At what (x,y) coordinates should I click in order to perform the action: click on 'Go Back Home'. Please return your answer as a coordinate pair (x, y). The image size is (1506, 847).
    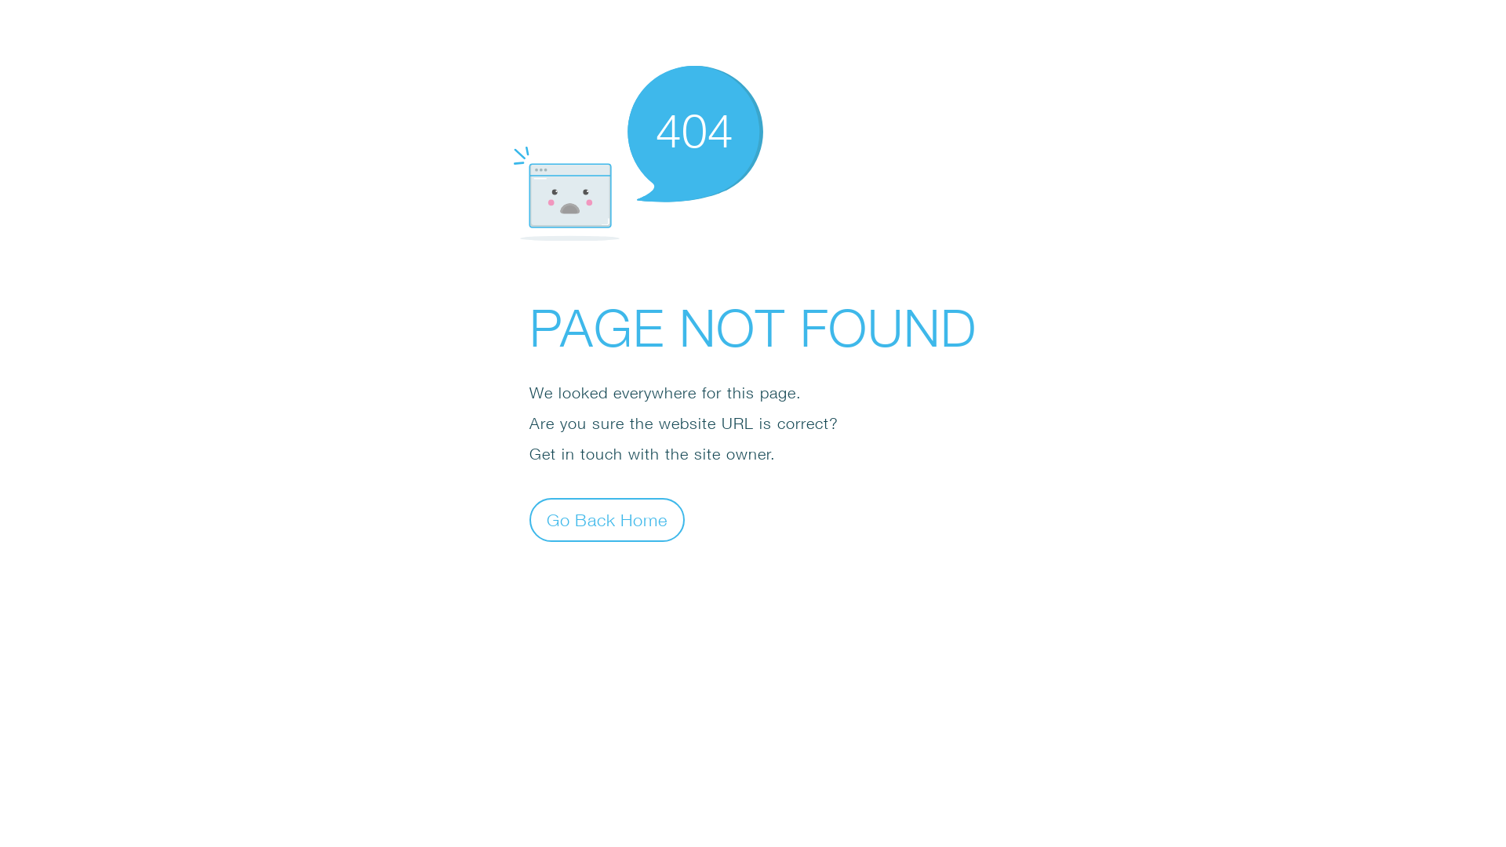
    Looking at the image, I should click on (606, 520).